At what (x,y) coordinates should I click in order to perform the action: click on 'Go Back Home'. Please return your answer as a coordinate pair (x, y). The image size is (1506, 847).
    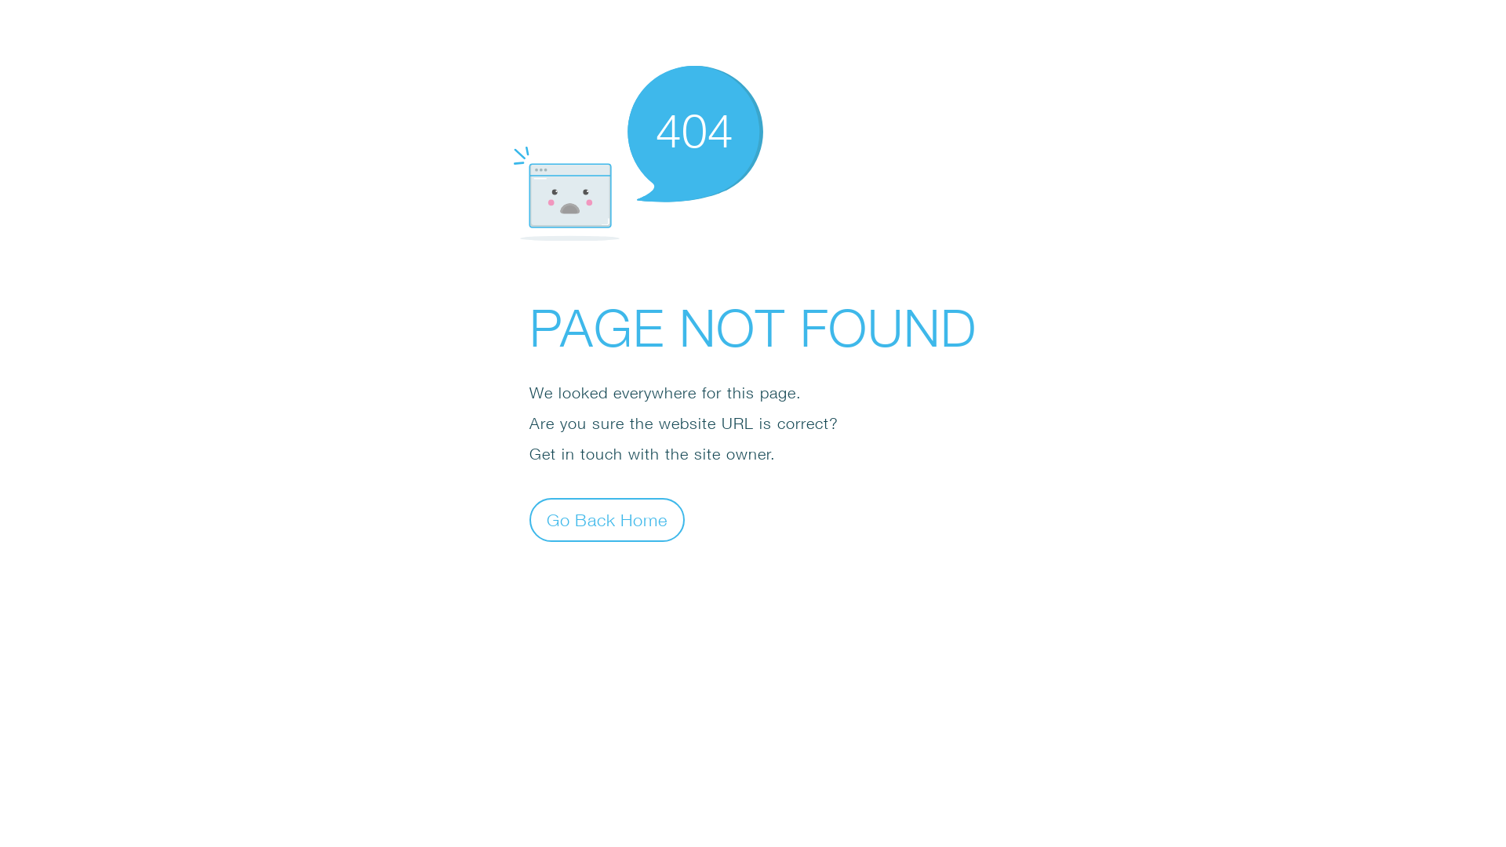
    Looking at the image, I should click on (606, 520).